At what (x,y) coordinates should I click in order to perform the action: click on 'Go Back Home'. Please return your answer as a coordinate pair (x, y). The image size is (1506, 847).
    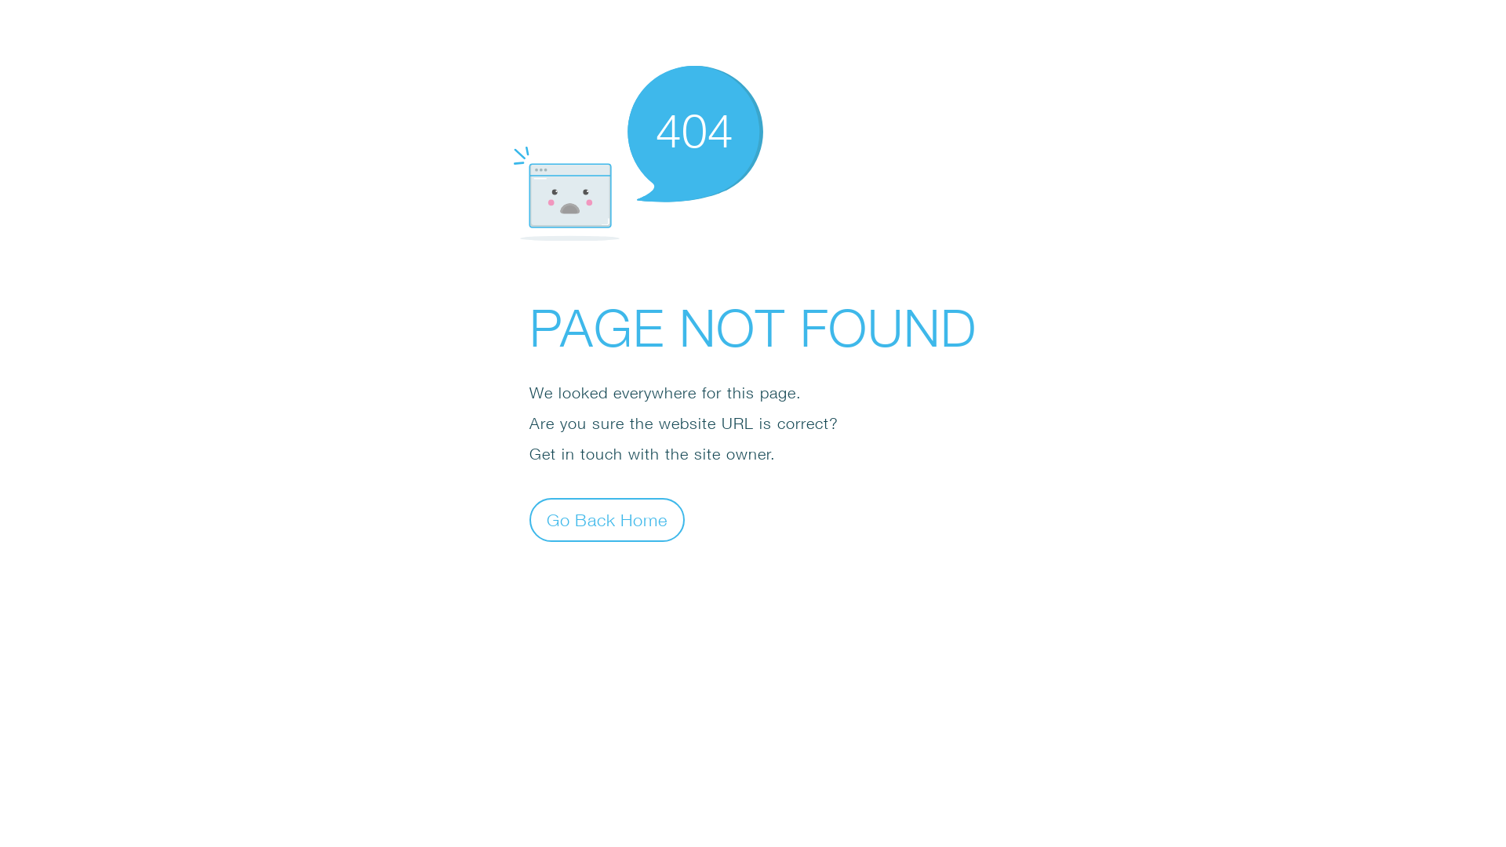
    Looking at the image, I should click on (606, 520).